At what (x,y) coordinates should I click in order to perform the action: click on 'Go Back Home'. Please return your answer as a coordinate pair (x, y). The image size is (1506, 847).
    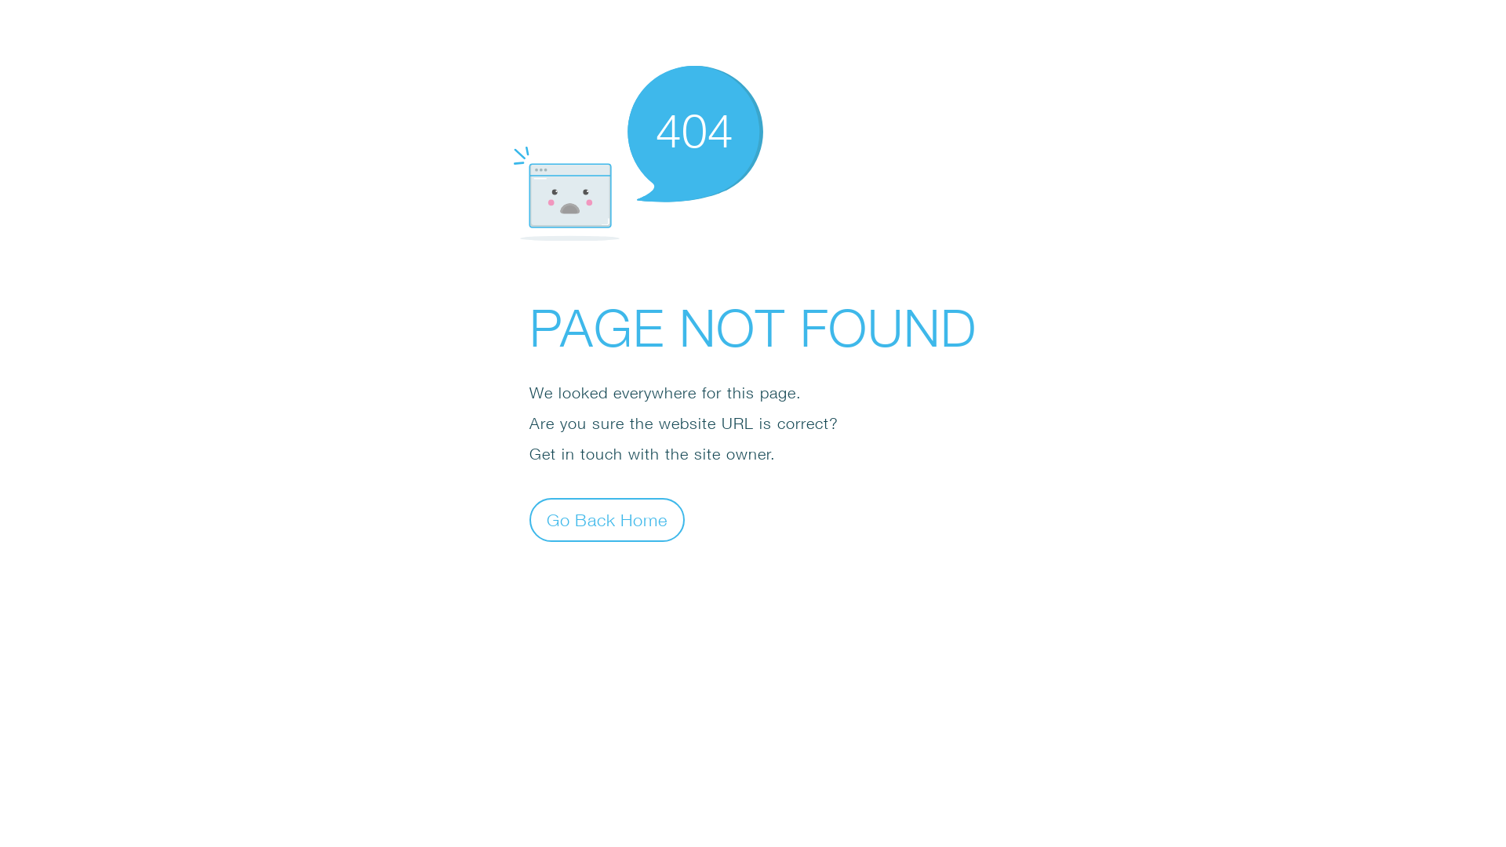
    Looking at the image, I should click on (606, 520).